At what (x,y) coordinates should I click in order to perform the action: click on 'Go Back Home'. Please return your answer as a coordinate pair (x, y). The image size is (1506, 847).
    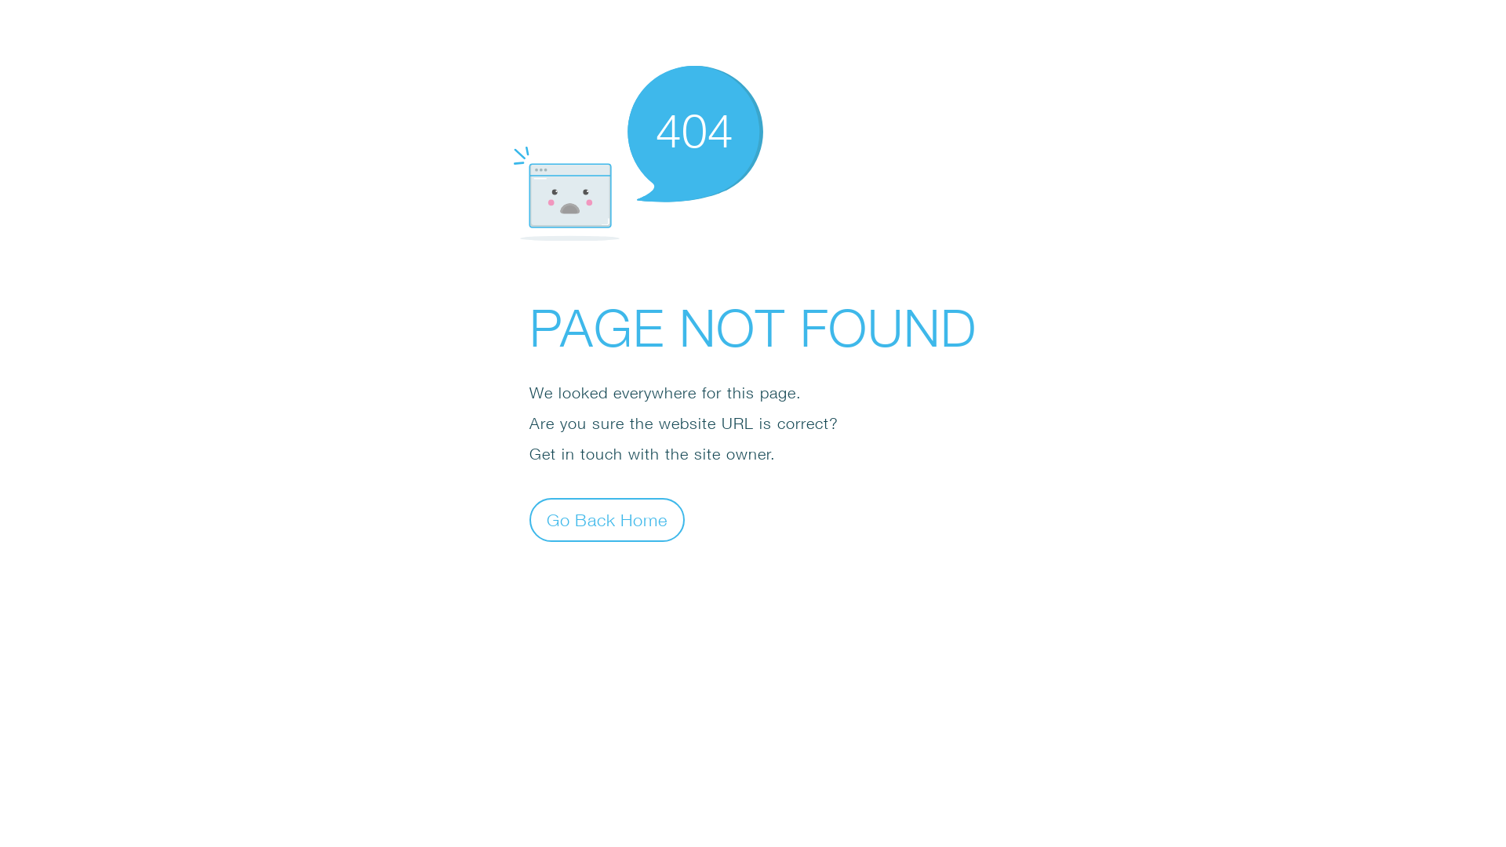
    Looking at the image, I should click on (606, 520).